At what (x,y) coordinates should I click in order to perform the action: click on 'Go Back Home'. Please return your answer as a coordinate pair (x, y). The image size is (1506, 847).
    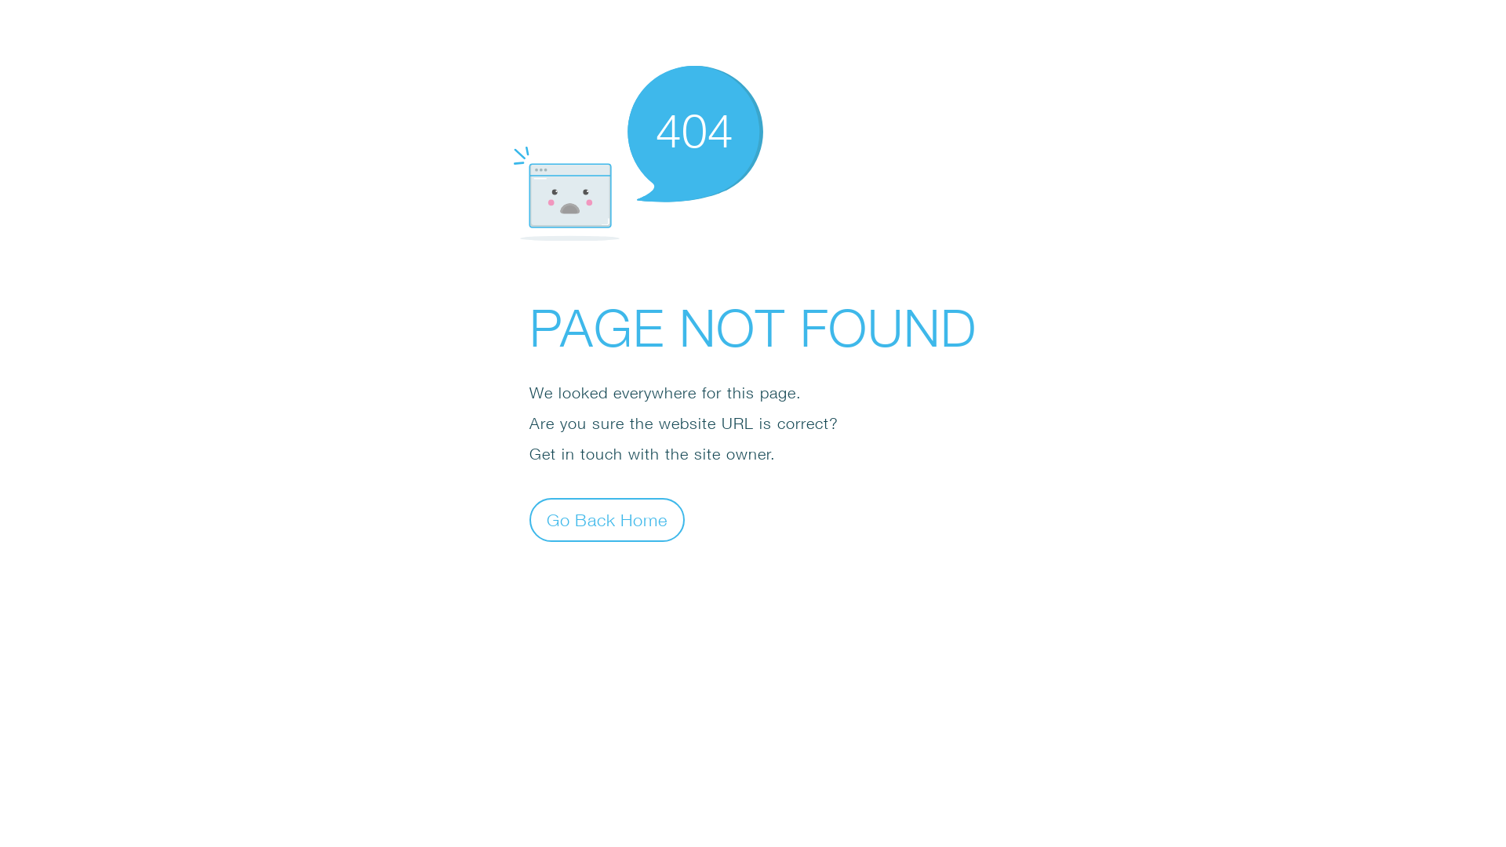
    Looking at the image, I should click on (606, 520).